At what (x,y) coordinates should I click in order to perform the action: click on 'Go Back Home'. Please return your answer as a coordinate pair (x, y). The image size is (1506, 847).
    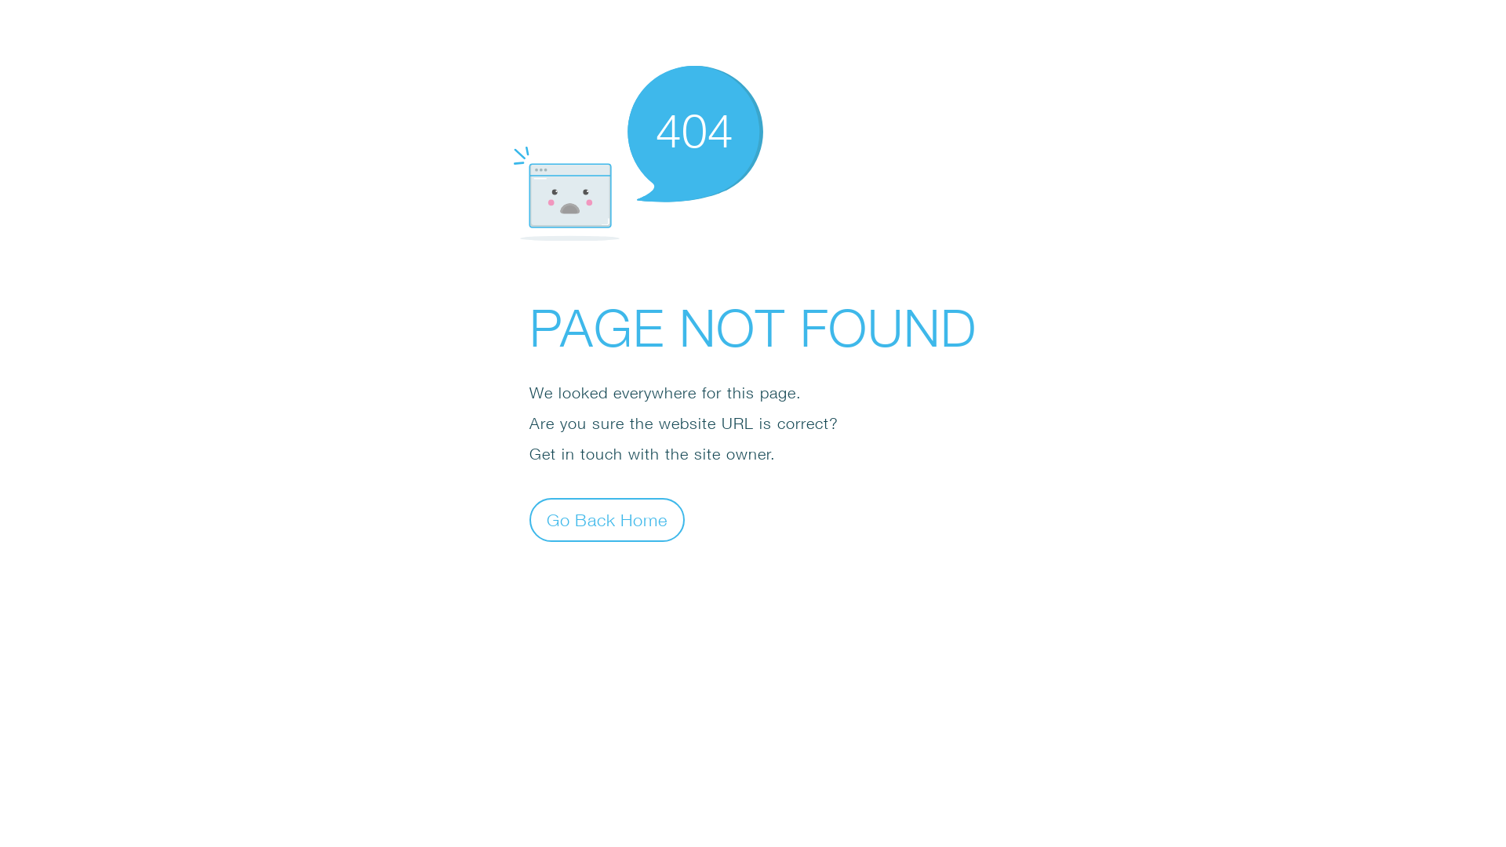
    Looking at the image, I should click on (606, 520).